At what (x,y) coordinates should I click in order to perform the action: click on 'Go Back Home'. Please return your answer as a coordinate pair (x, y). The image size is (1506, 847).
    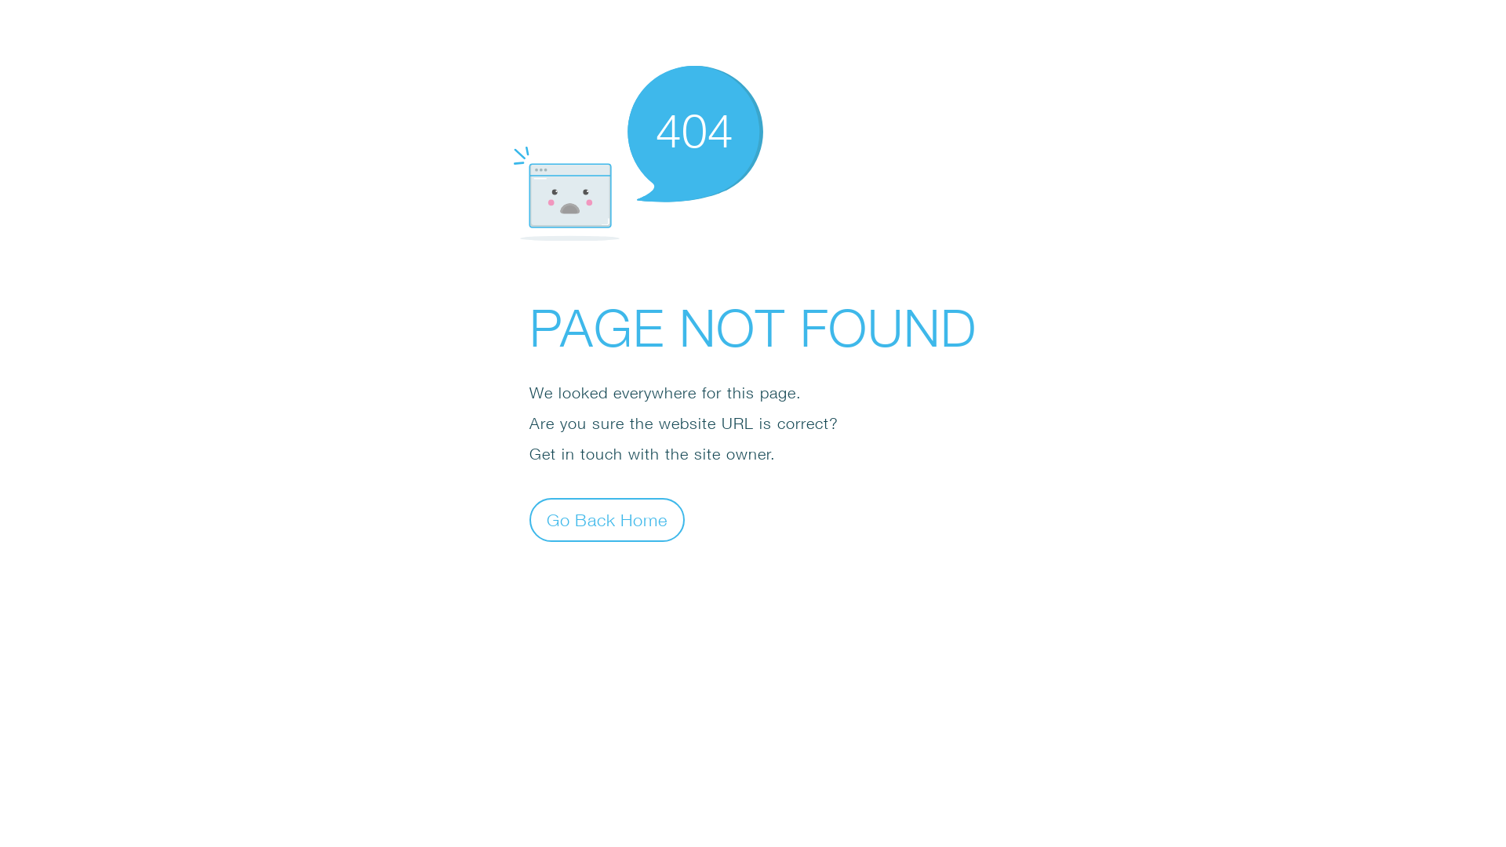
    Looking at the image, I should click on (606, 520).